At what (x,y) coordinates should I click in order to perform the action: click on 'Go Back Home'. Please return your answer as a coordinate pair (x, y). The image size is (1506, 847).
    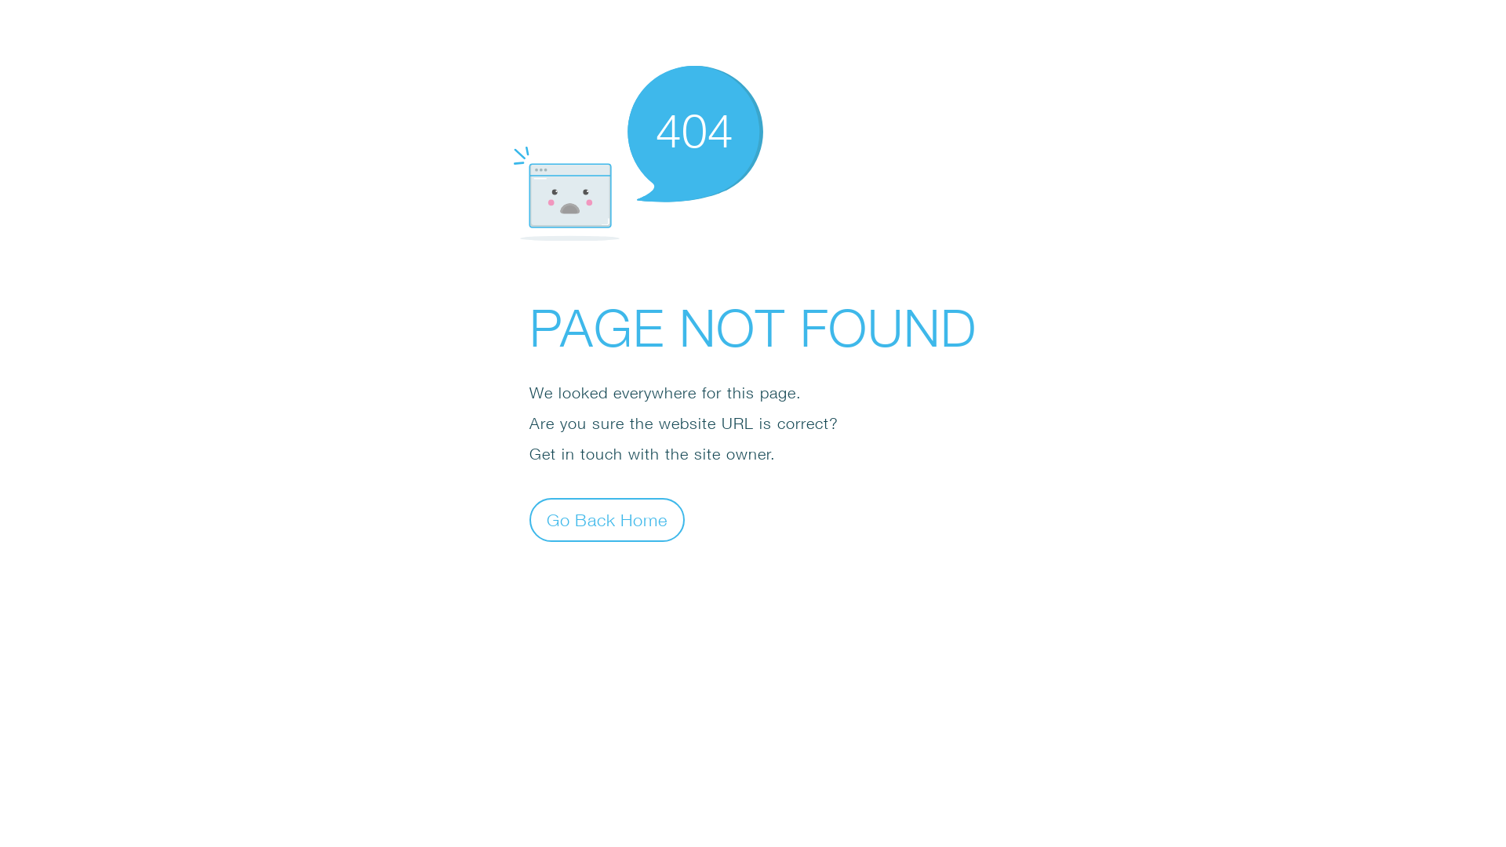
    Looking at the image, I should click on (606, 520).